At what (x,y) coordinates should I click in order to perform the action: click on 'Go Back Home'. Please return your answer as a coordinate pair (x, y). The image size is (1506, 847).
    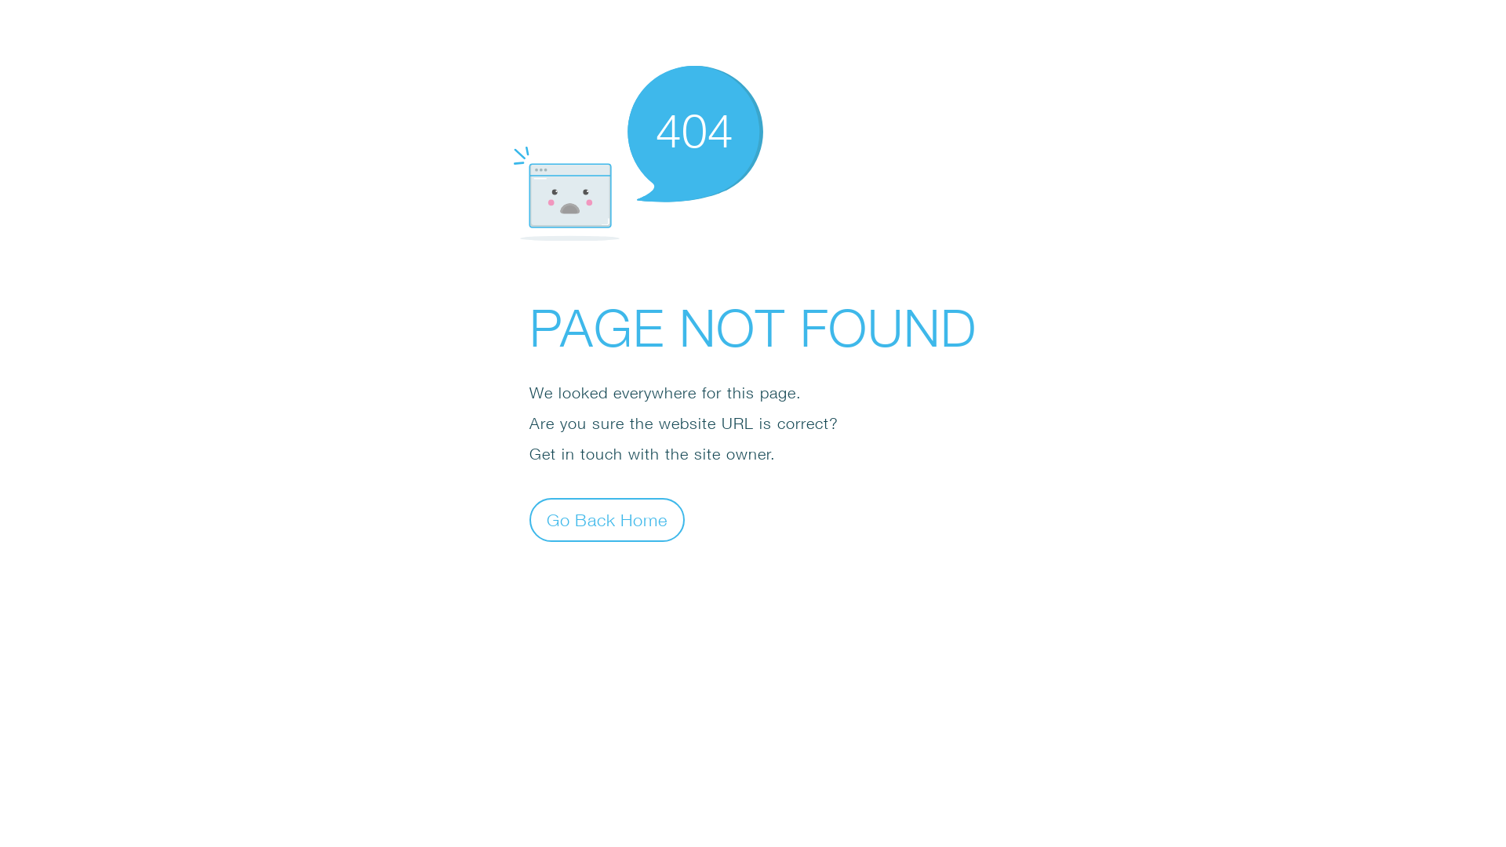
    Looking at the image, I should click on (606, 520).